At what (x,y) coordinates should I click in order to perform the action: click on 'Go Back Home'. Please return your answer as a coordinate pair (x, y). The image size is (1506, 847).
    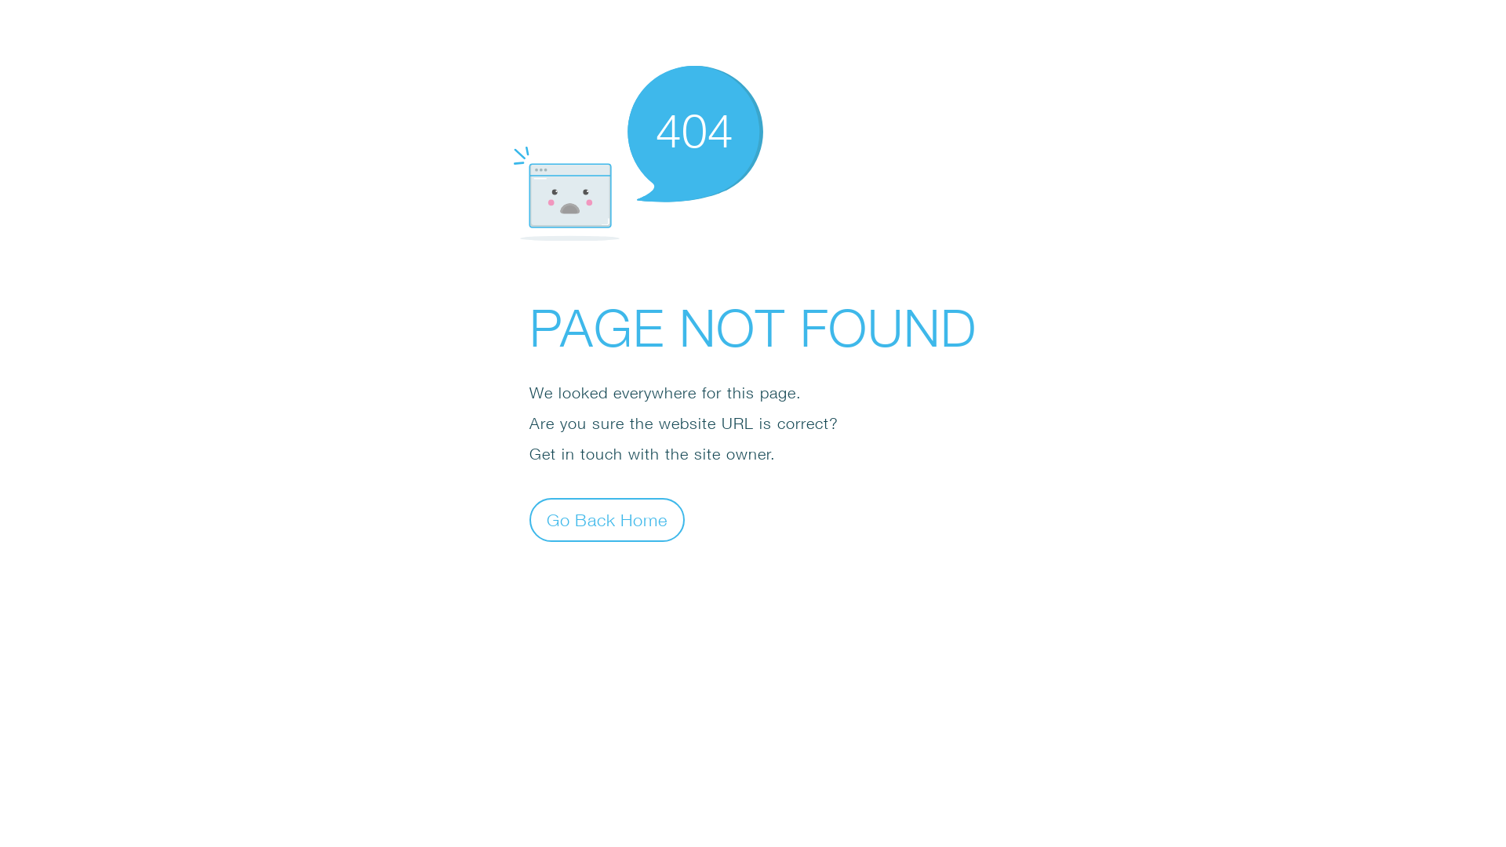
    Looking at the image, I should click on (606, 520).